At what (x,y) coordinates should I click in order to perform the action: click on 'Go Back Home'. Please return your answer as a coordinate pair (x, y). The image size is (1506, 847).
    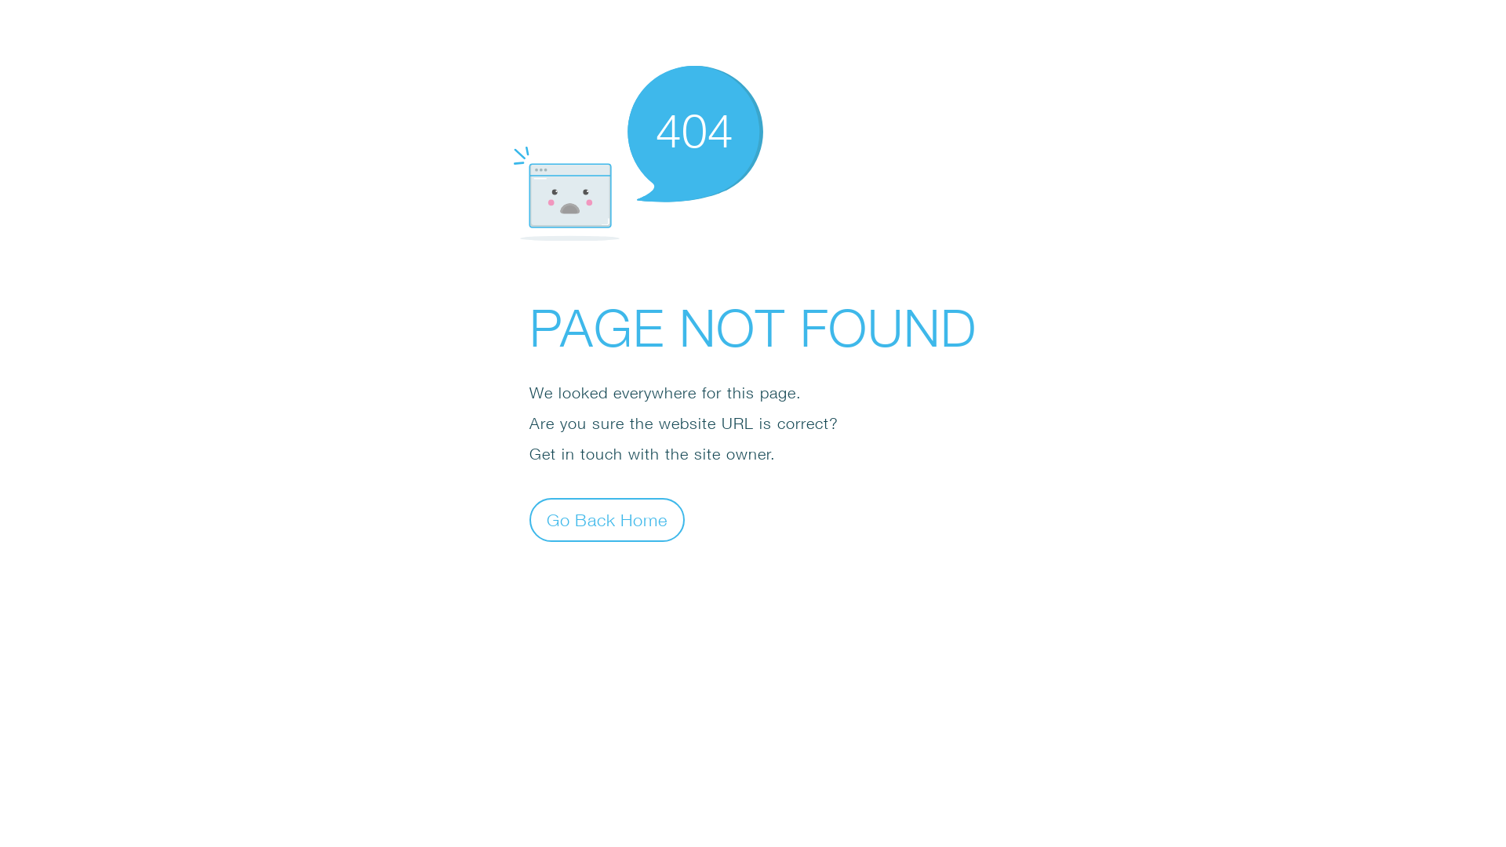
    Looking at the image, I should click on (606, 520).